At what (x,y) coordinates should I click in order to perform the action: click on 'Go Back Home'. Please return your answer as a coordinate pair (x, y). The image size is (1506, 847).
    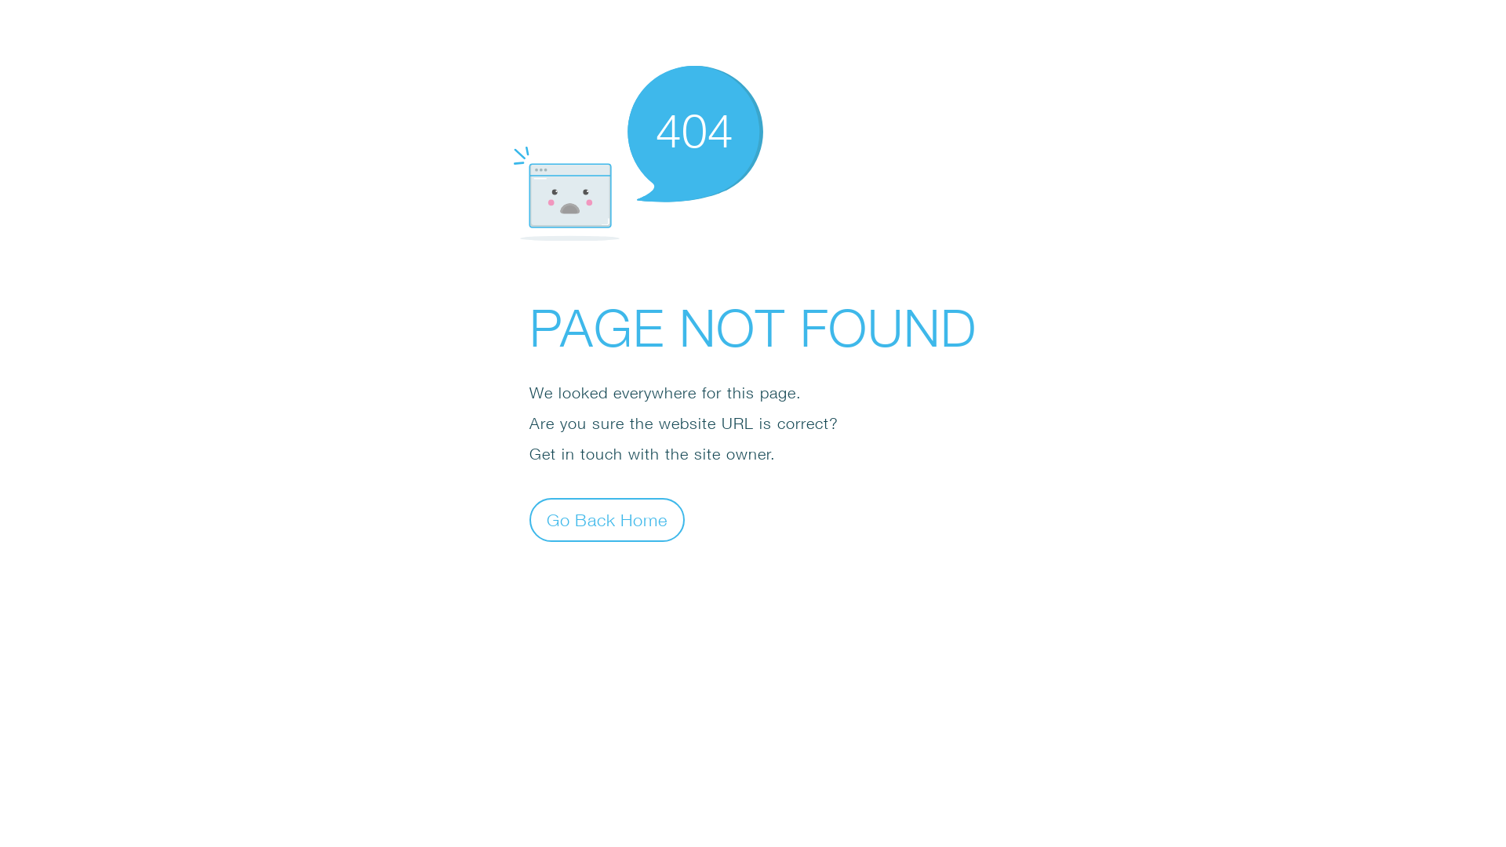
    Looking at the image, I should click on (606, 520).